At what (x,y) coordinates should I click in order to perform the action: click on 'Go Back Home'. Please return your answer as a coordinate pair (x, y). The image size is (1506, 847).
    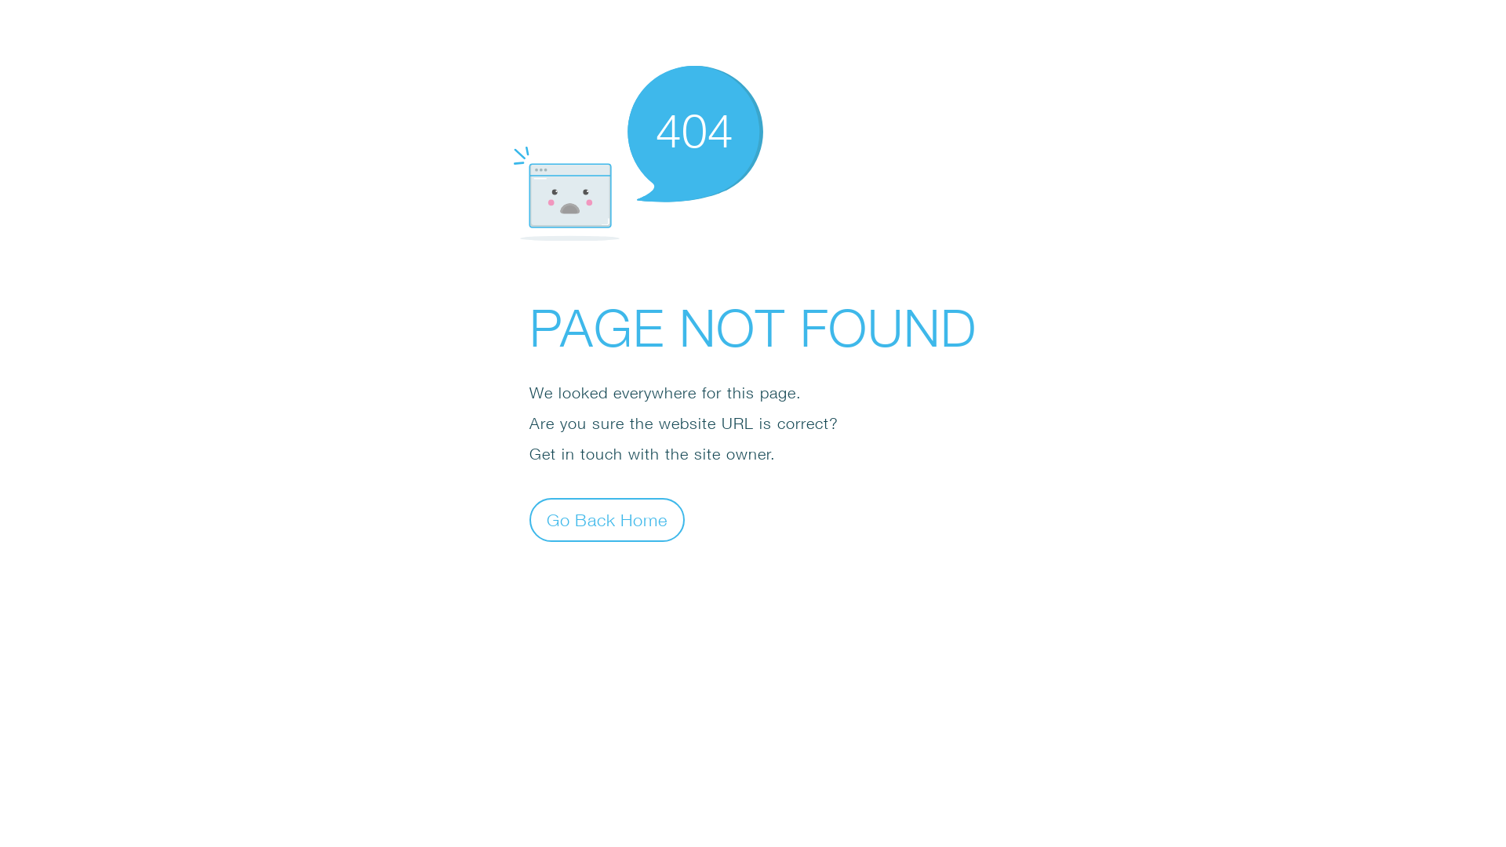
    Looking at the image, I should click on (606, 520).